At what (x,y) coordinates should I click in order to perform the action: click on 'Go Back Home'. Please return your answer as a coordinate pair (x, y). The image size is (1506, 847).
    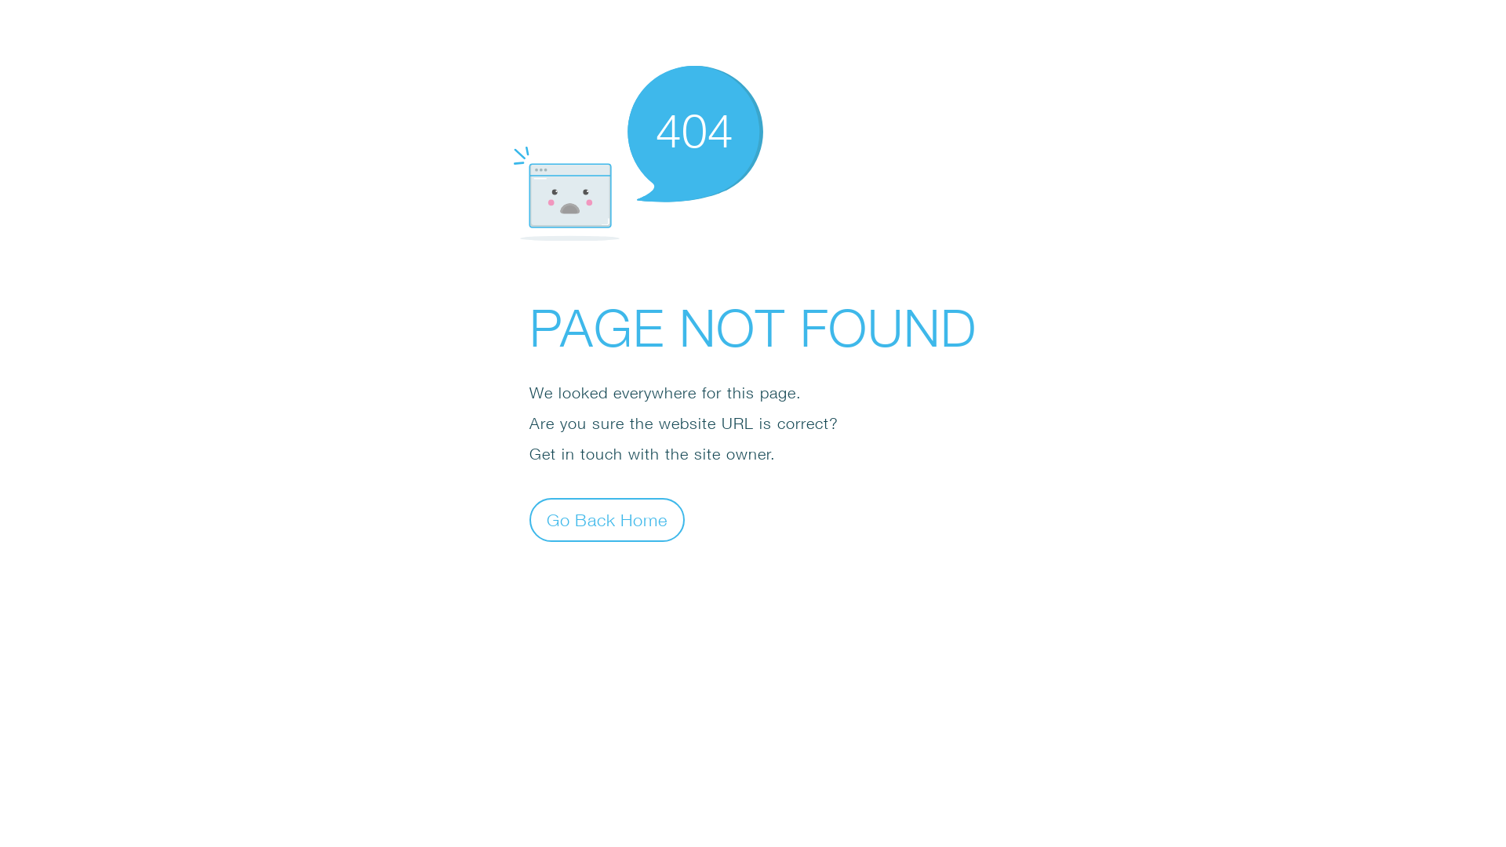
    Looking at the image, I should click on (606, 520).